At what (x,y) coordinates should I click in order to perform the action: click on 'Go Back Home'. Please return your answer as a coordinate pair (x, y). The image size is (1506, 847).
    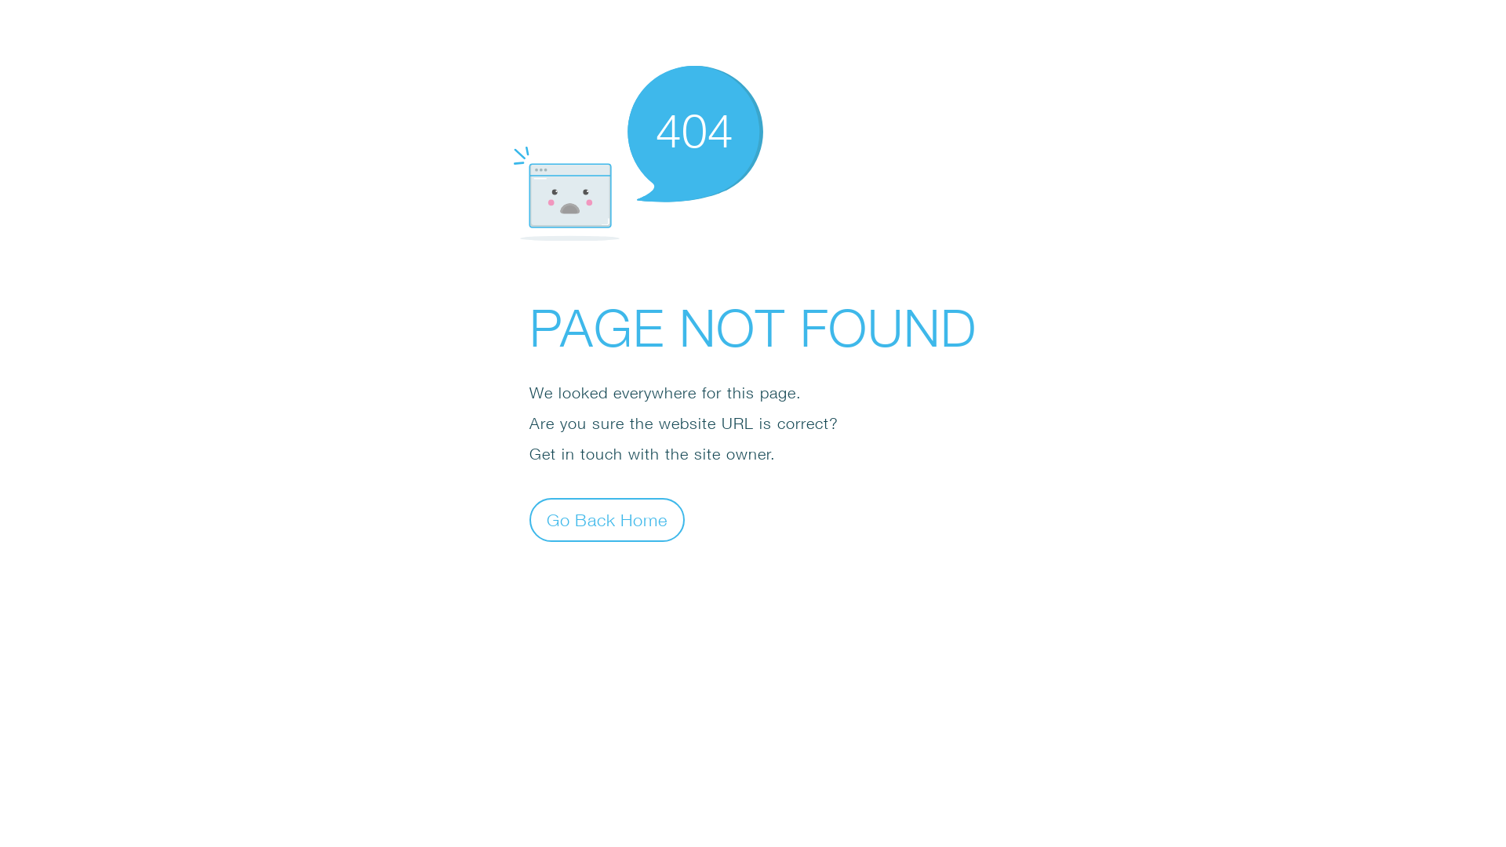
    Looking at the image, I should click on (606, 520).